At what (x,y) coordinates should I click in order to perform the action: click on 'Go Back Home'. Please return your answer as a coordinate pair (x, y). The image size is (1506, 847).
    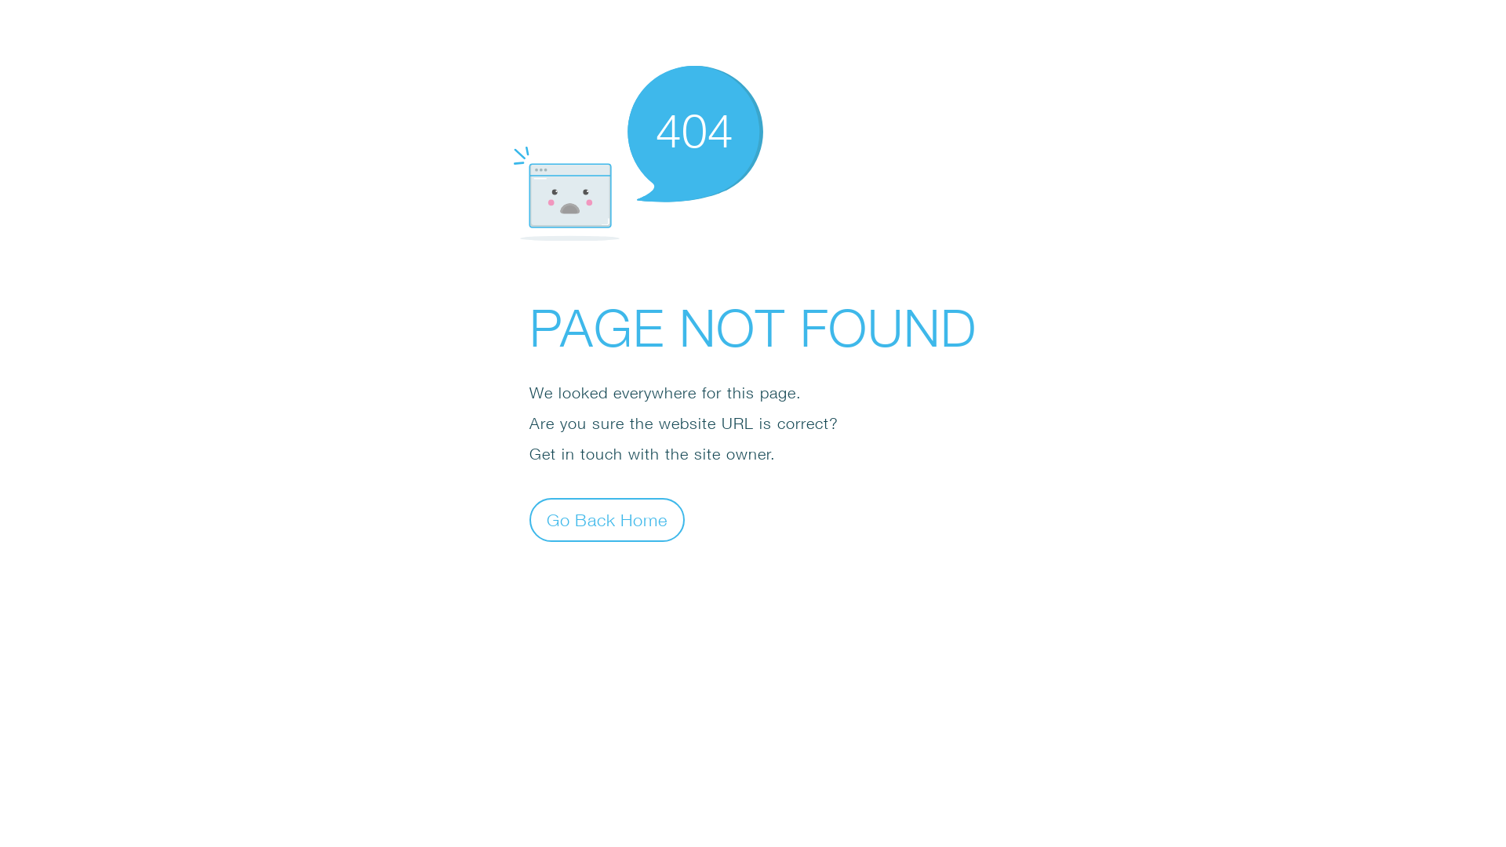
    Looking at the image, I should click on (606, 520).